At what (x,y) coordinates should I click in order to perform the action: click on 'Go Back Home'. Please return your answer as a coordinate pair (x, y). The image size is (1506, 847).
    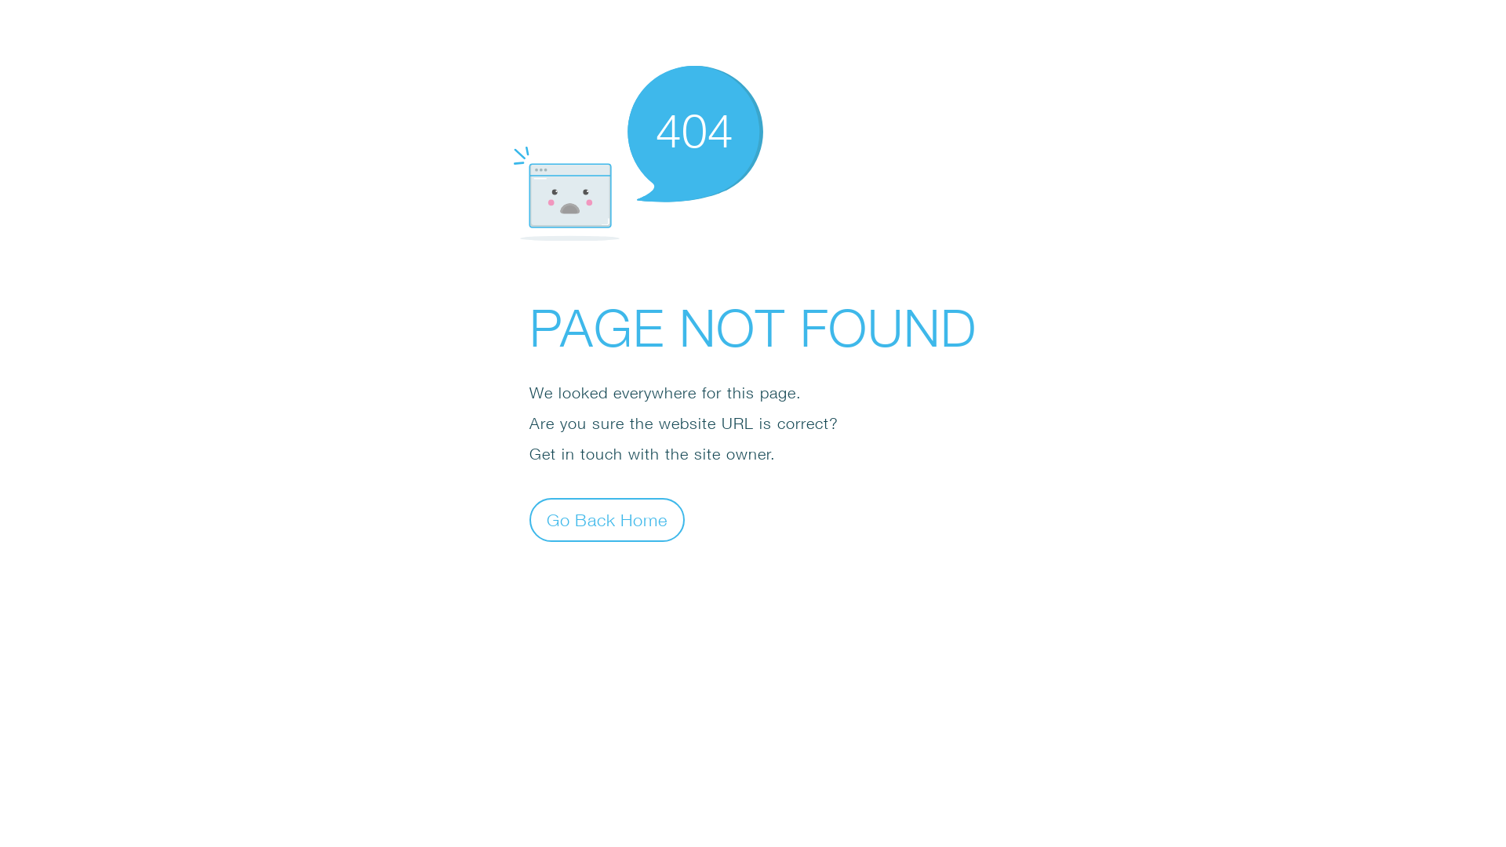
    Looking at the image, I should click on (606, 520).